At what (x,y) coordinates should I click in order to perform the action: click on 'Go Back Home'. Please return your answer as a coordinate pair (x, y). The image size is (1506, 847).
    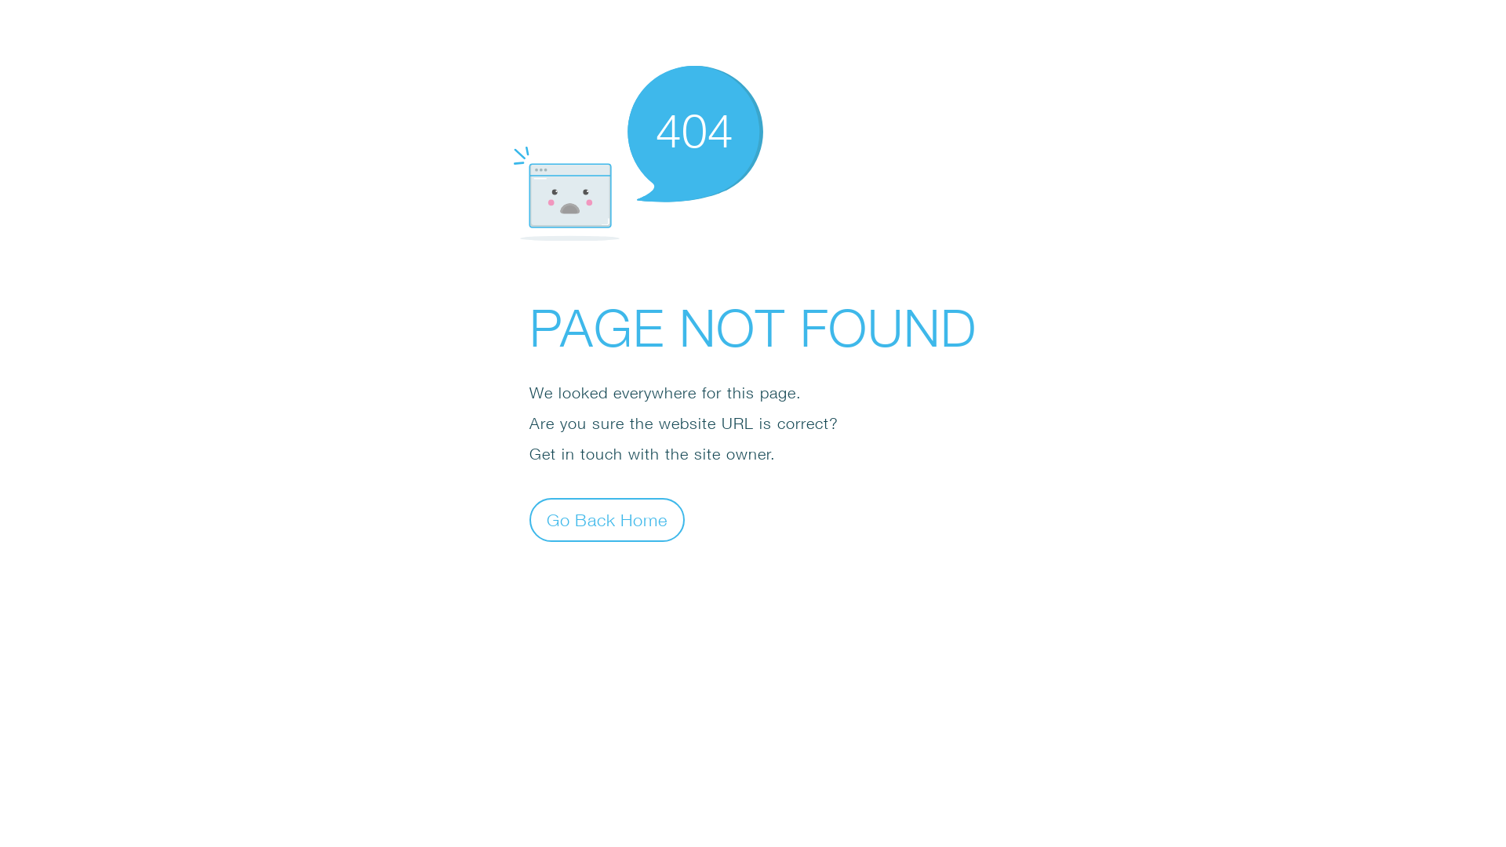
    Looking at the image, I should click on (606, 520).